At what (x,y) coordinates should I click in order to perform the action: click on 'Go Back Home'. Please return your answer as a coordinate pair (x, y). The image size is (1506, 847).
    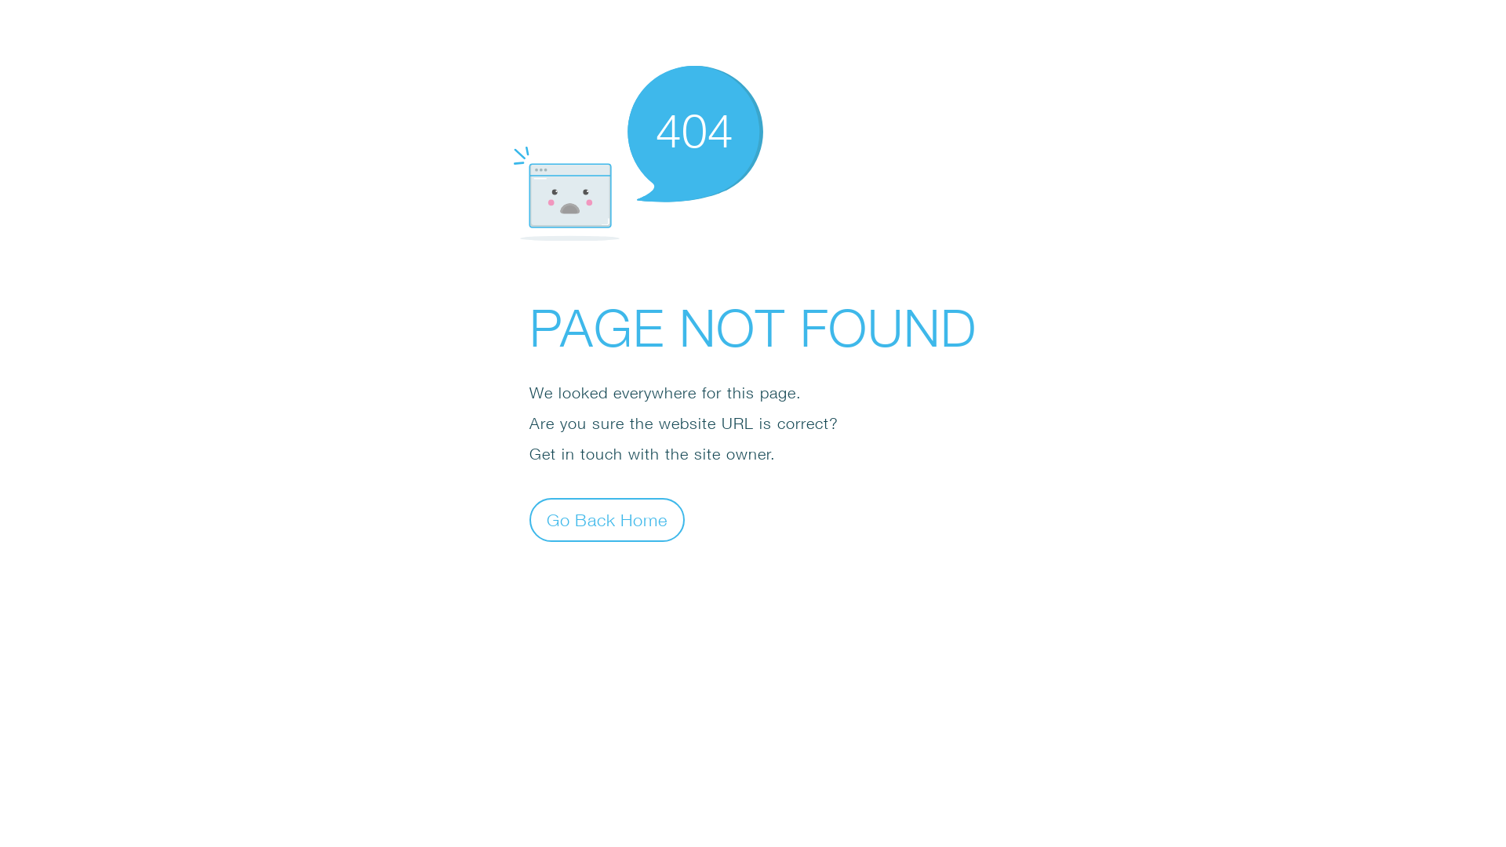
    Looking at the image, I should click on (606, 520).